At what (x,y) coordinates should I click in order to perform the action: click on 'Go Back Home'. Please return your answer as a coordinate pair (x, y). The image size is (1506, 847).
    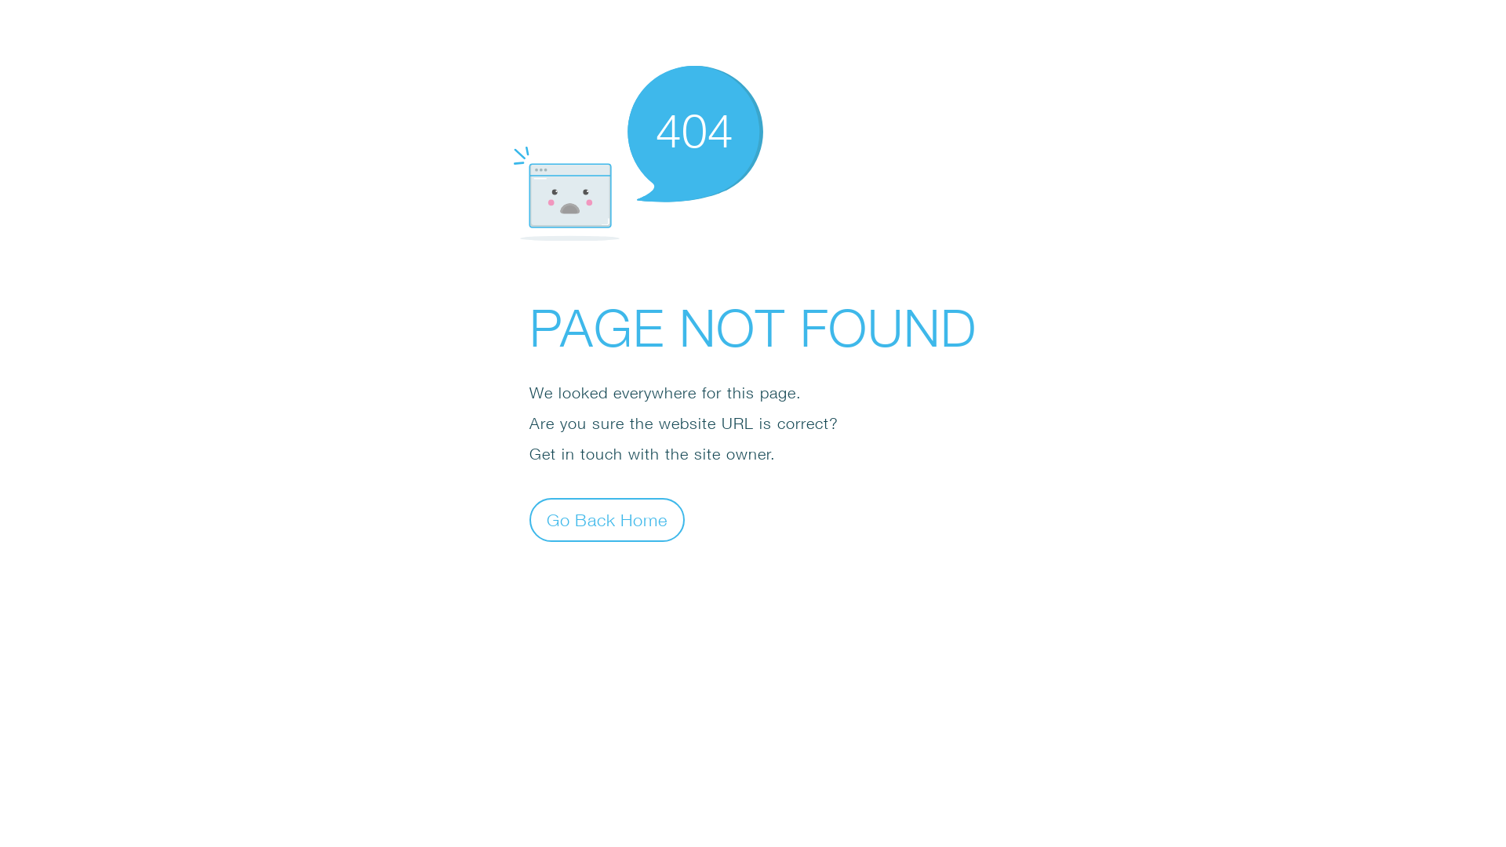
    Looking at the image, I should click on (606, 520).